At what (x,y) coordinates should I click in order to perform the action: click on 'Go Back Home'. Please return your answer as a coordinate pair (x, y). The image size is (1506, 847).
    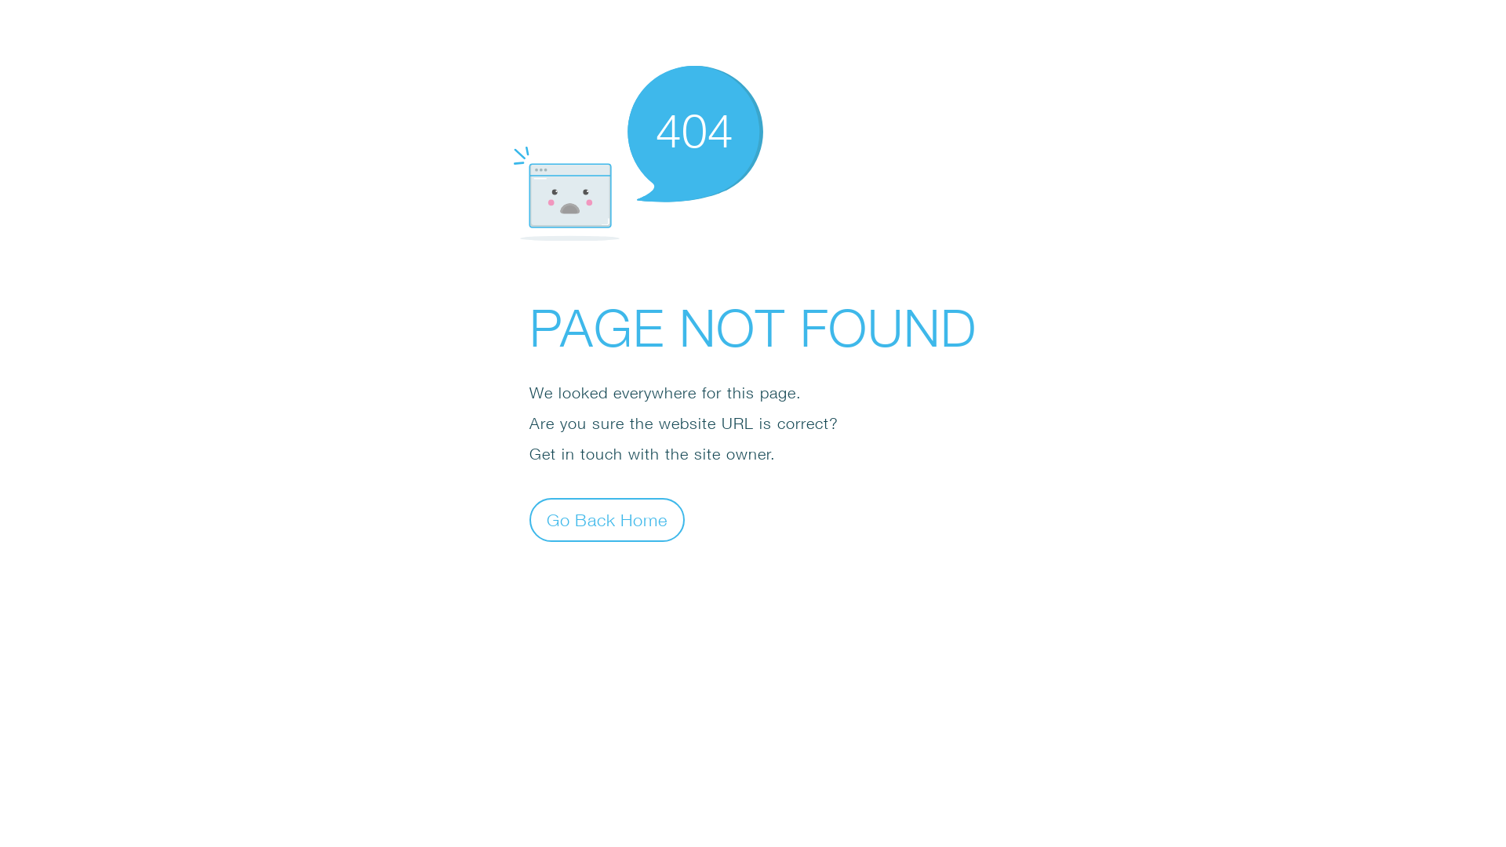
    Looking at the image, I should click on (606, 520).